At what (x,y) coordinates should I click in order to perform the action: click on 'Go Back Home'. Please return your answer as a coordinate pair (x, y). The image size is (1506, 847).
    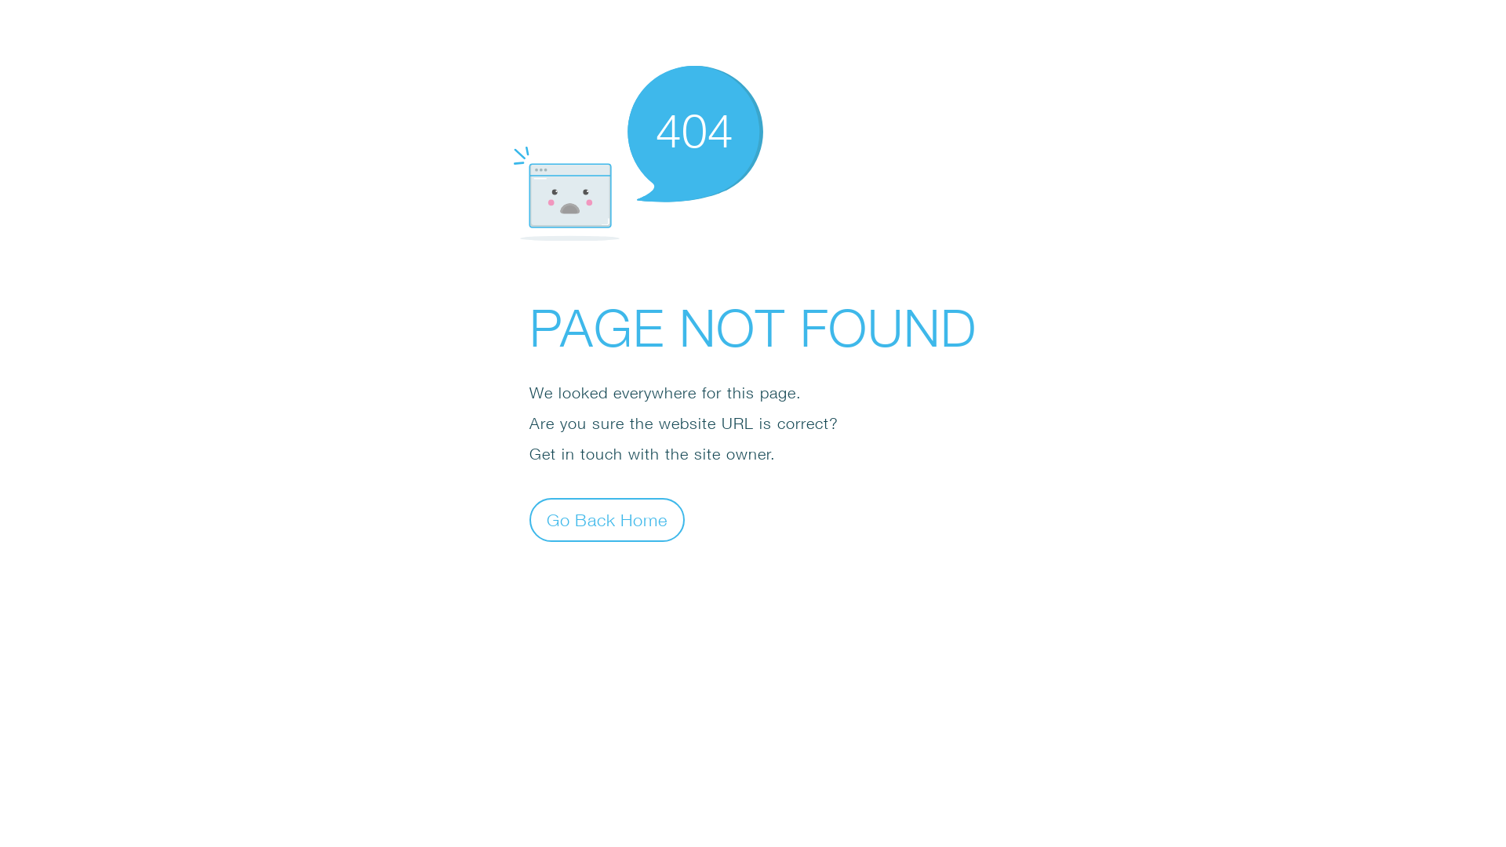
    Looking at the image, I should click on (606, 520).